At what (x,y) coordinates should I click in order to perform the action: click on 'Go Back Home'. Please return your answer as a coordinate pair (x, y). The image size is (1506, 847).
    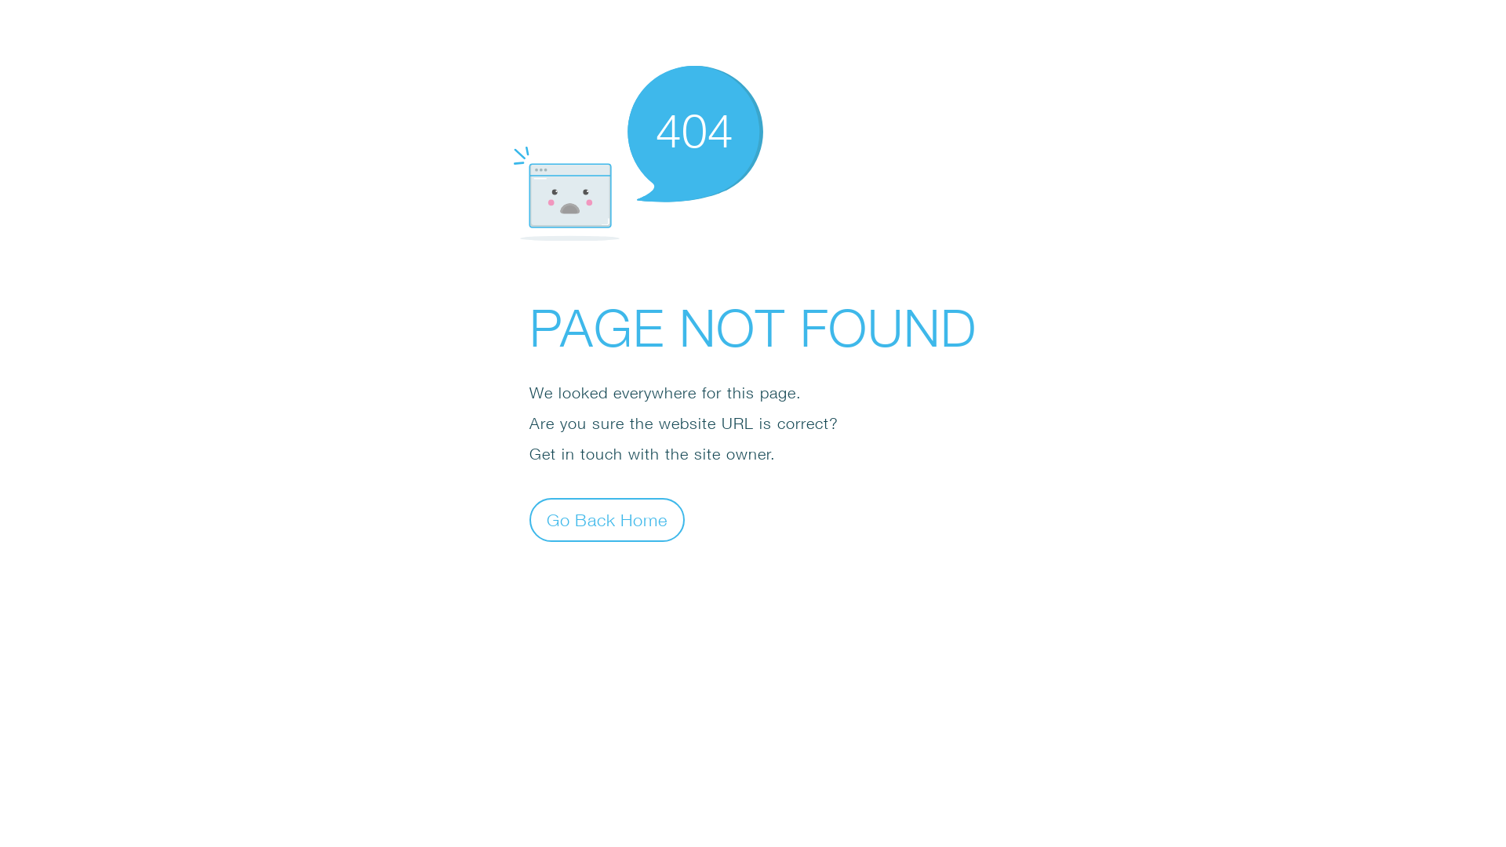
    Looking at the image, I should click on (606, 520).